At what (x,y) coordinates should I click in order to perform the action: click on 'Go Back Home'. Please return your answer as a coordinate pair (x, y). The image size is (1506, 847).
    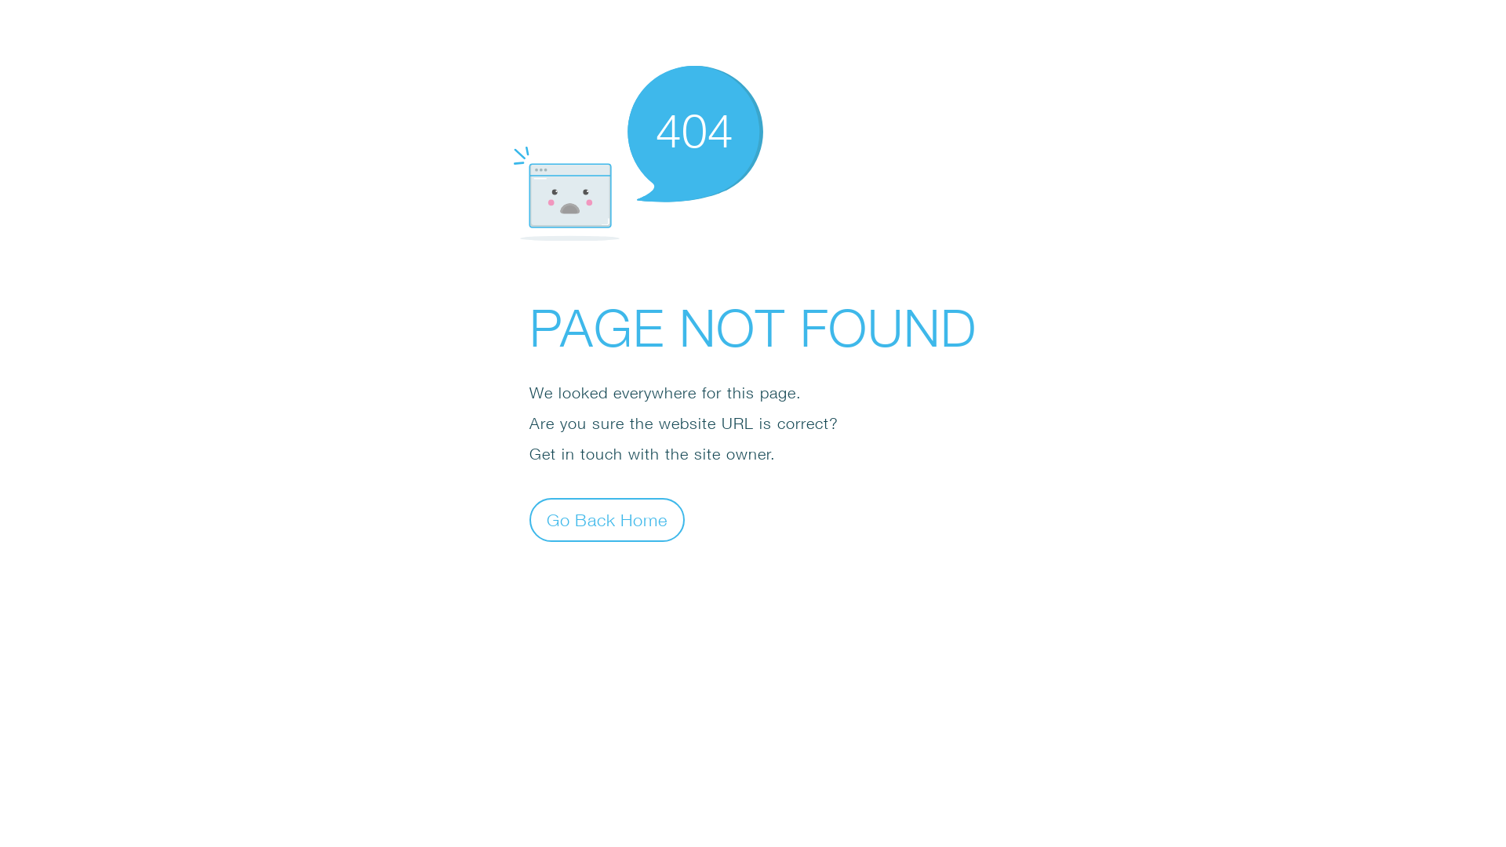
    Looking at the image, I should click on (606, 520).